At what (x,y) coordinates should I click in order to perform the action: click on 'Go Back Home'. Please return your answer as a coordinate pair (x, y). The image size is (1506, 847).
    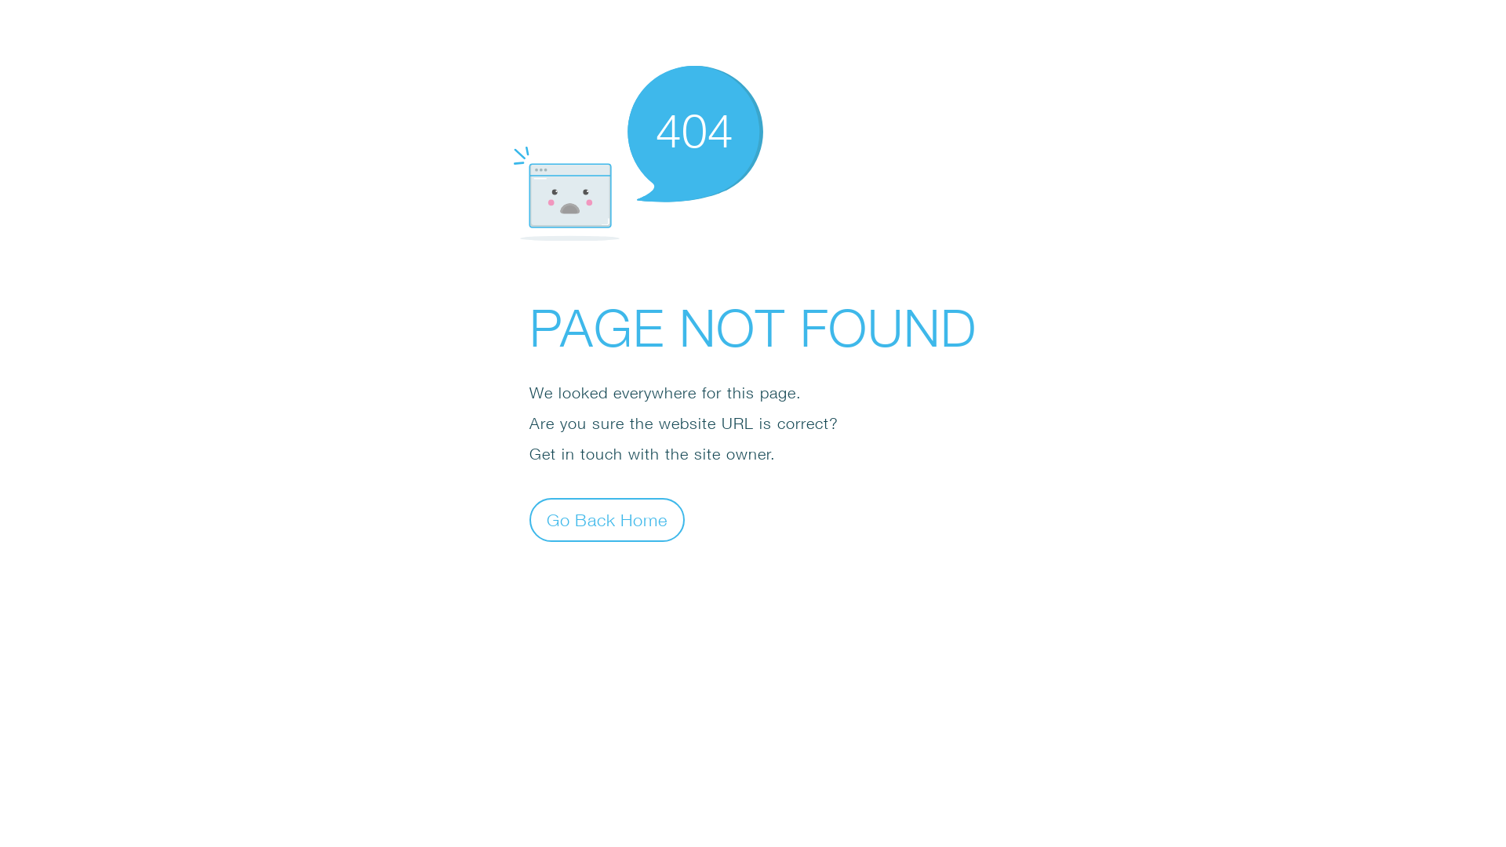
    Looking at the image, I should click on (606, 520).